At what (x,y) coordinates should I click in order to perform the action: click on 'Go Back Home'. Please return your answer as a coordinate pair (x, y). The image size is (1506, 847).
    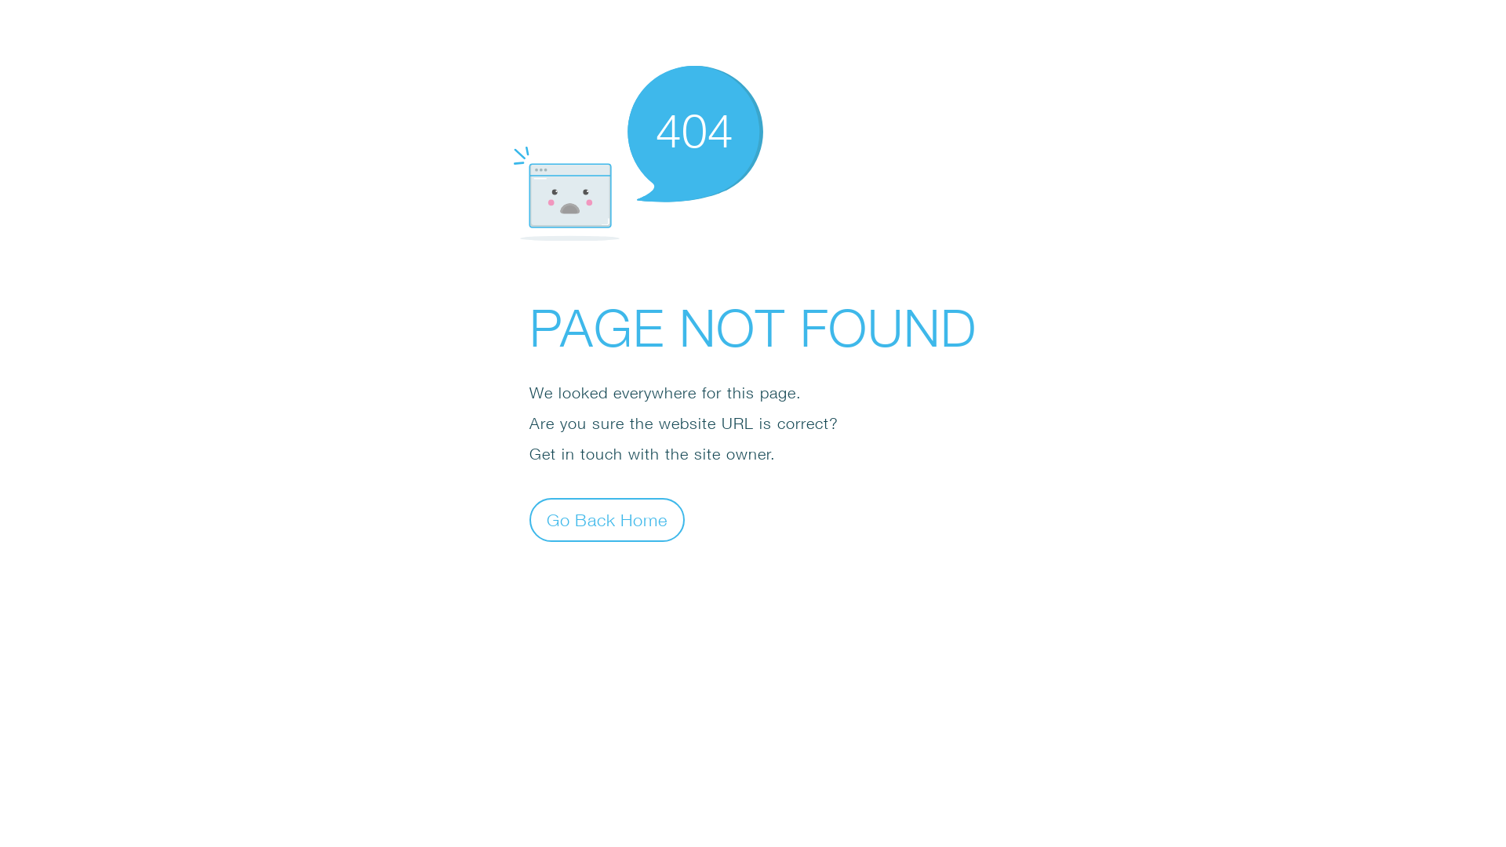
    Looking at the image, I should click on (606, 520).